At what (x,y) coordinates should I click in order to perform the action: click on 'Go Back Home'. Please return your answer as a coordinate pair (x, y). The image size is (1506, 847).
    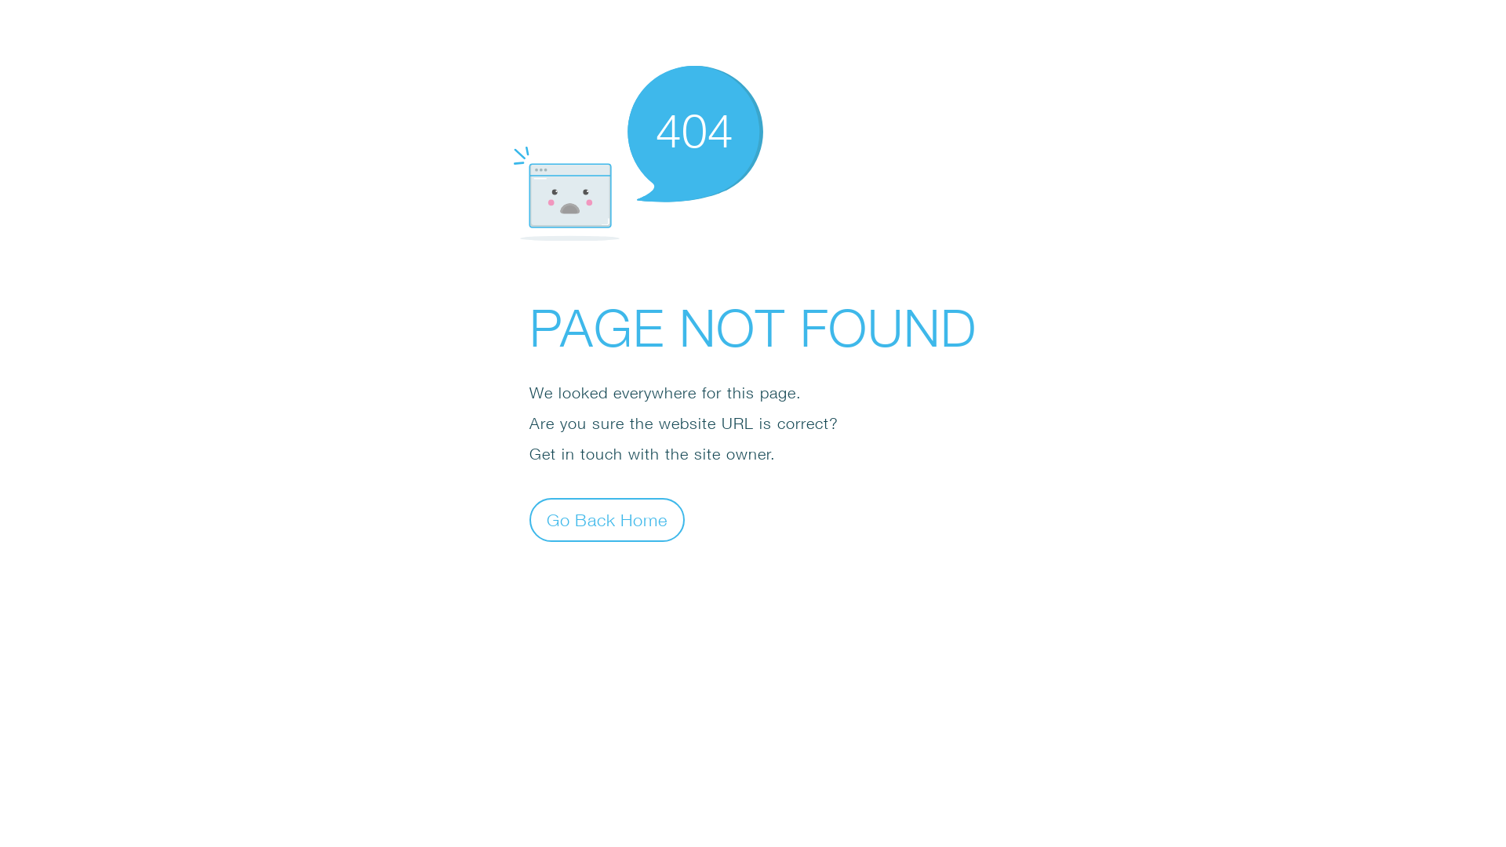
    Looking at the image, I should click on (606, 520).